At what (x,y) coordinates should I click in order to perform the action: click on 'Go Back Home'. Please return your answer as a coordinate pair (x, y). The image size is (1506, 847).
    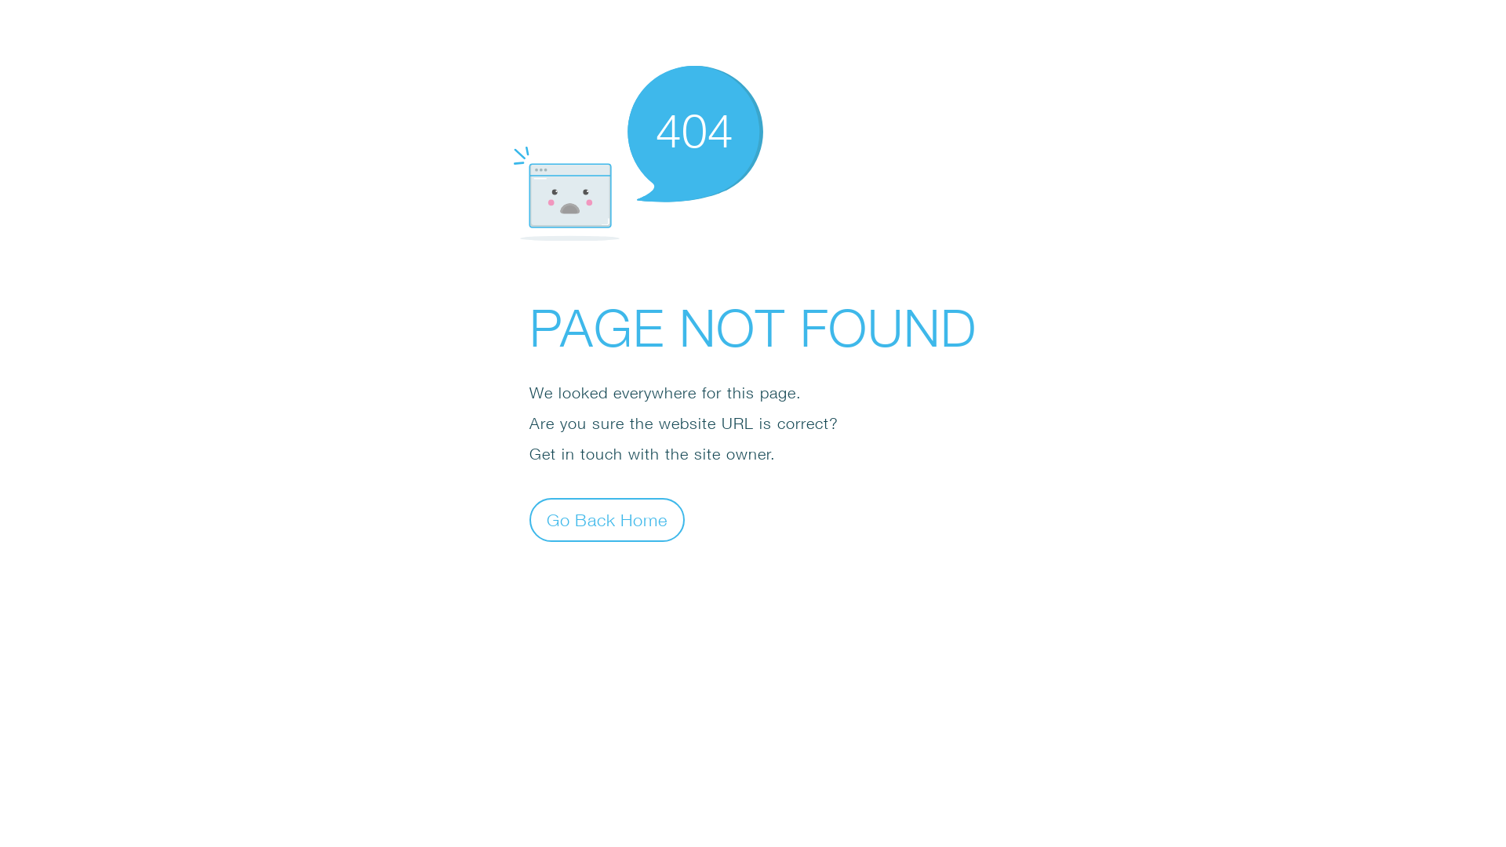
    Looking at the image, I should click on (606, 520).